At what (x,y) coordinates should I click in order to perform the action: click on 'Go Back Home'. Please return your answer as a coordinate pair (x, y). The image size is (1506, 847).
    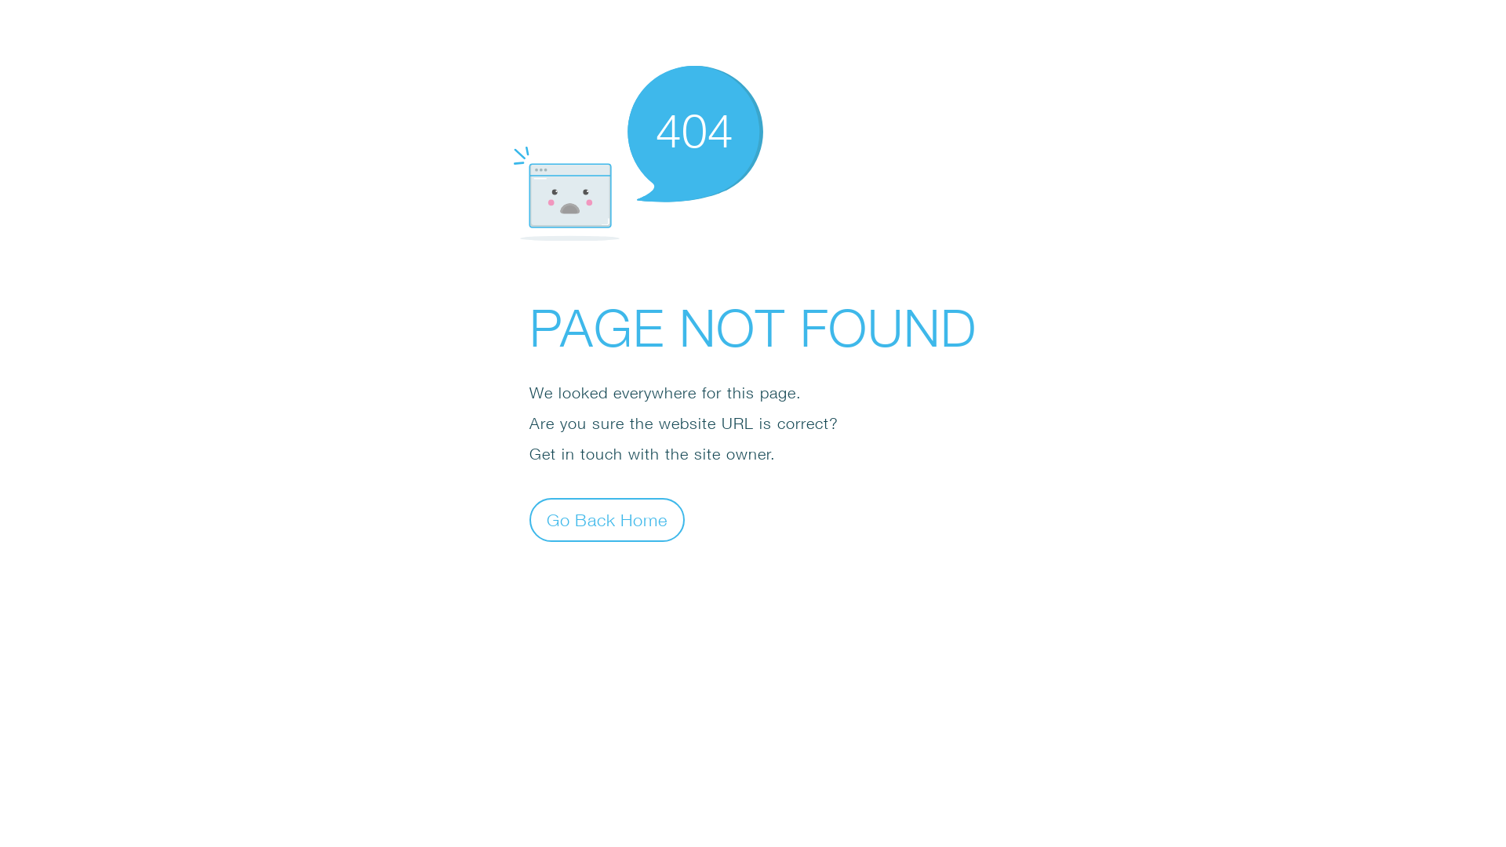
    Looking at the image, I should click on (606, 520).